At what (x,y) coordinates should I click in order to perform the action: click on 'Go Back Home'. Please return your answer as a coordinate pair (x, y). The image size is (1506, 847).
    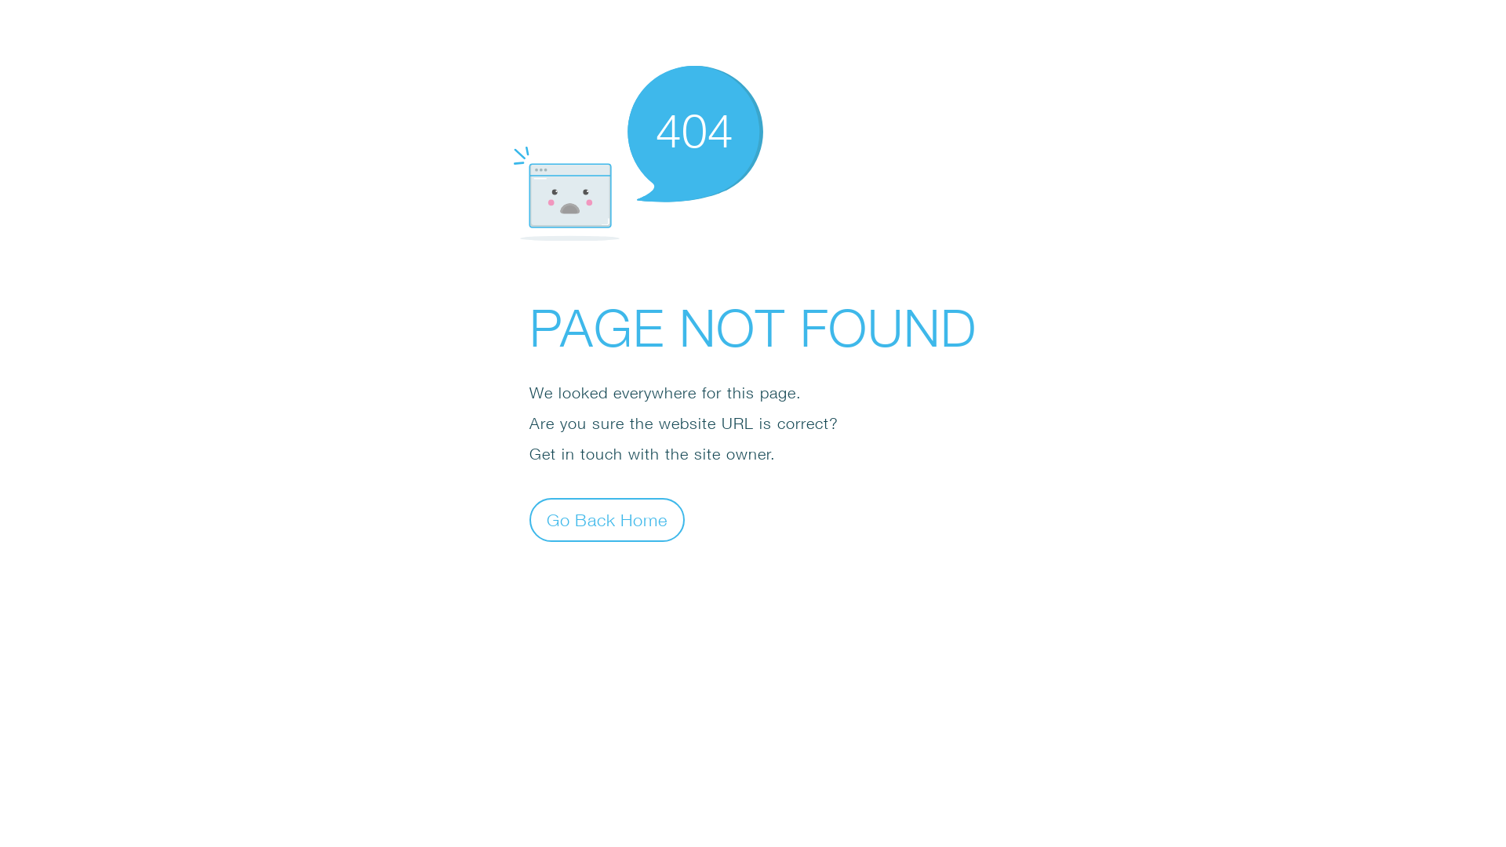
    Looking at the image, I should click on (606, 520).